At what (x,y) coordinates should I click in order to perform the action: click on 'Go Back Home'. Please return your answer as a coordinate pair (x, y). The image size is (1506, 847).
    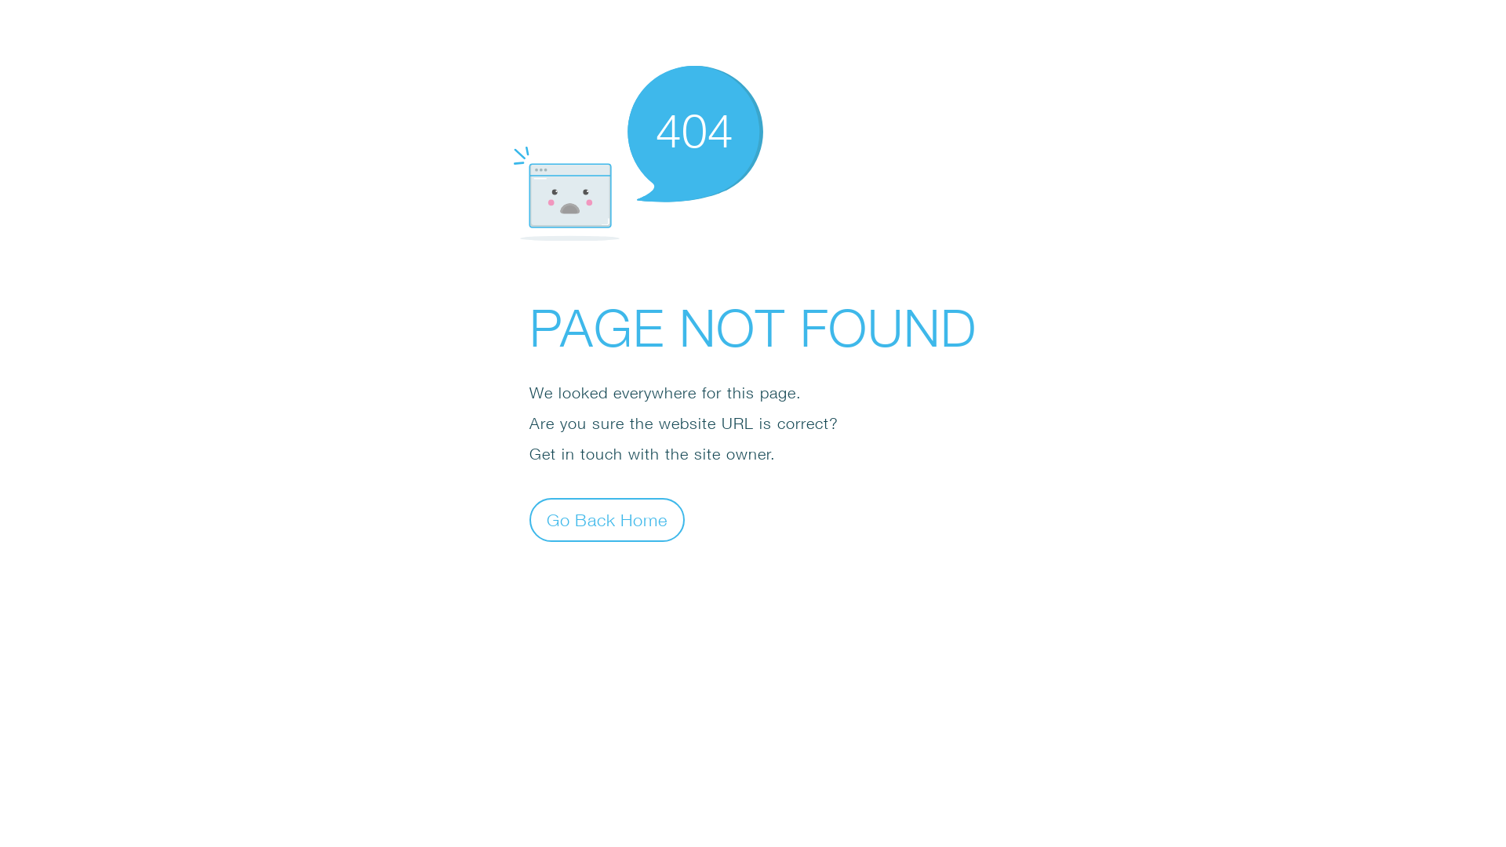
    Looking at the image, I should click on (606, 520).